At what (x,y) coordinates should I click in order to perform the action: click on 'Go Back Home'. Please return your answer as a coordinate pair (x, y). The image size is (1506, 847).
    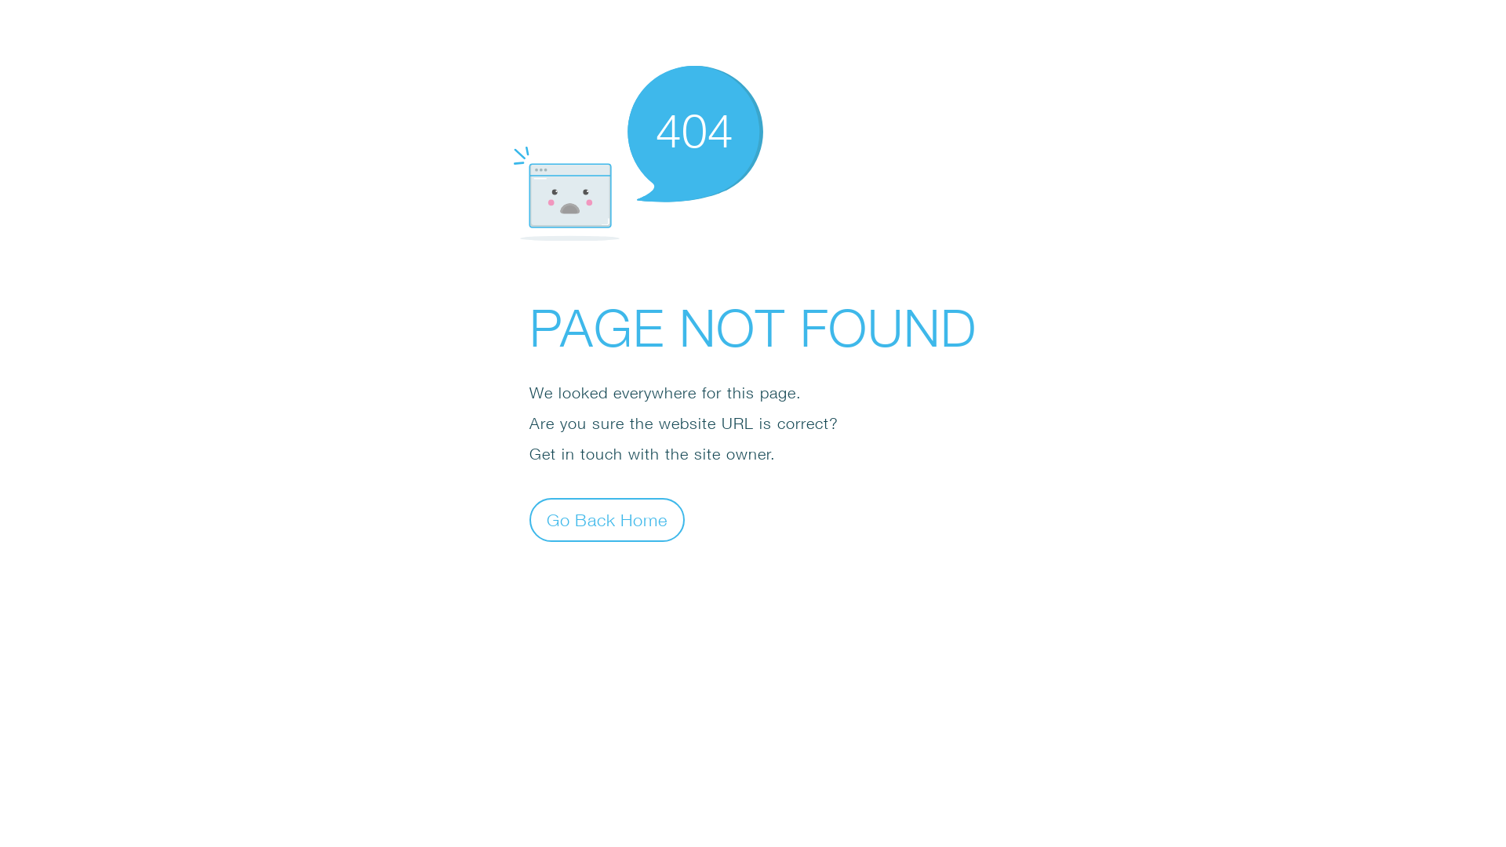
    Looking at the image, I should click on (606, 520).